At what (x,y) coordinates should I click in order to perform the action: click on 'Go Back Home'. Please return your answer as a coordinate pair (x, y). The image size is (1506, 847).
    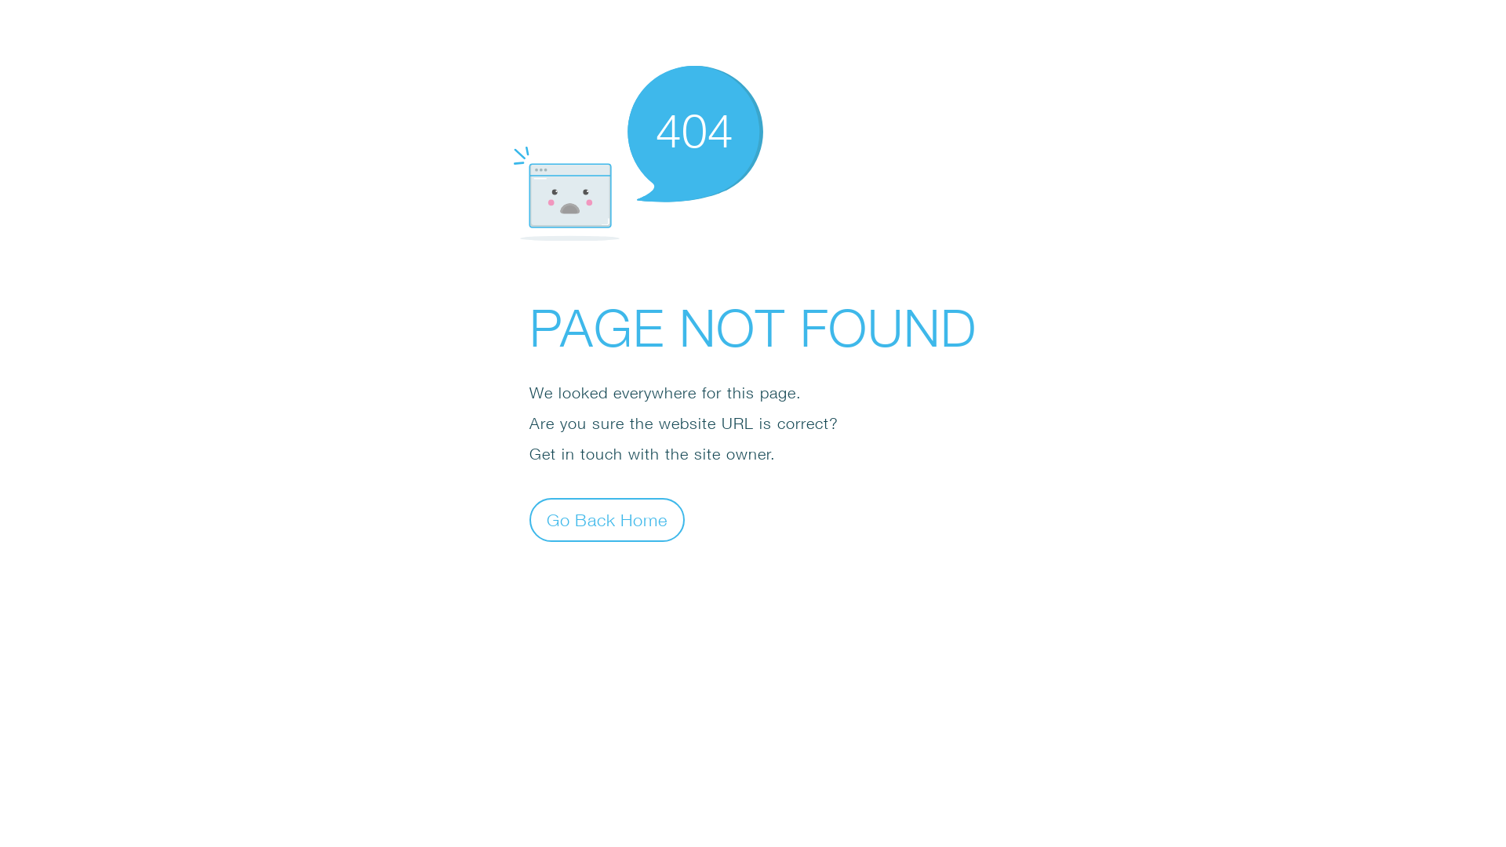
    Looking at the image, I should click on (606, 520).